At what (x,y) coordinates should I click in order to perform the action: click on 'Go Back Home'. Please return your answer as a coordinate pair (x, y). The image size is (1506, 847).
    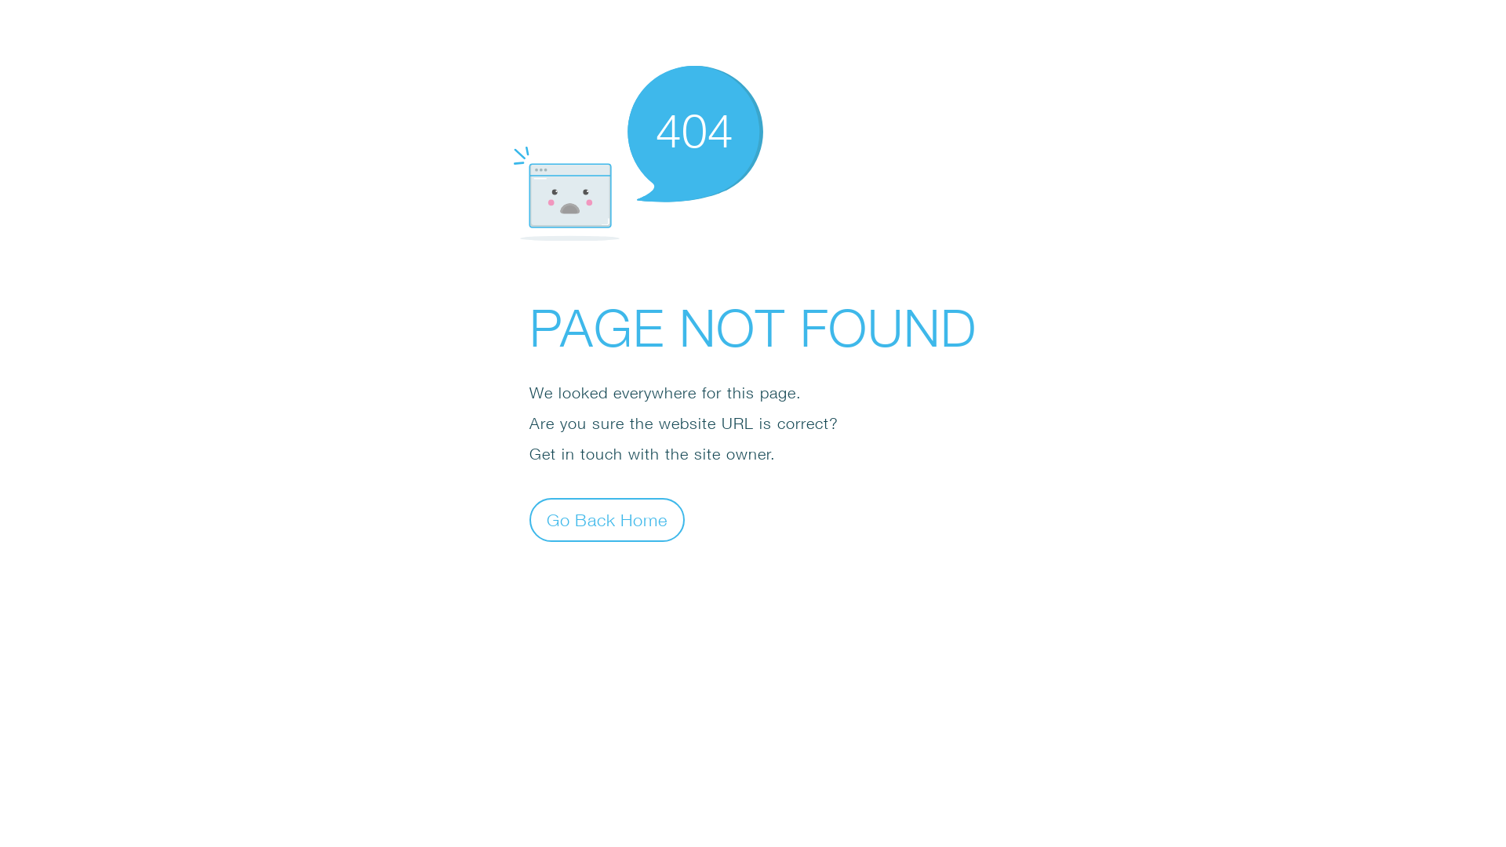
    Looking at the image, I should click on (606, 520).